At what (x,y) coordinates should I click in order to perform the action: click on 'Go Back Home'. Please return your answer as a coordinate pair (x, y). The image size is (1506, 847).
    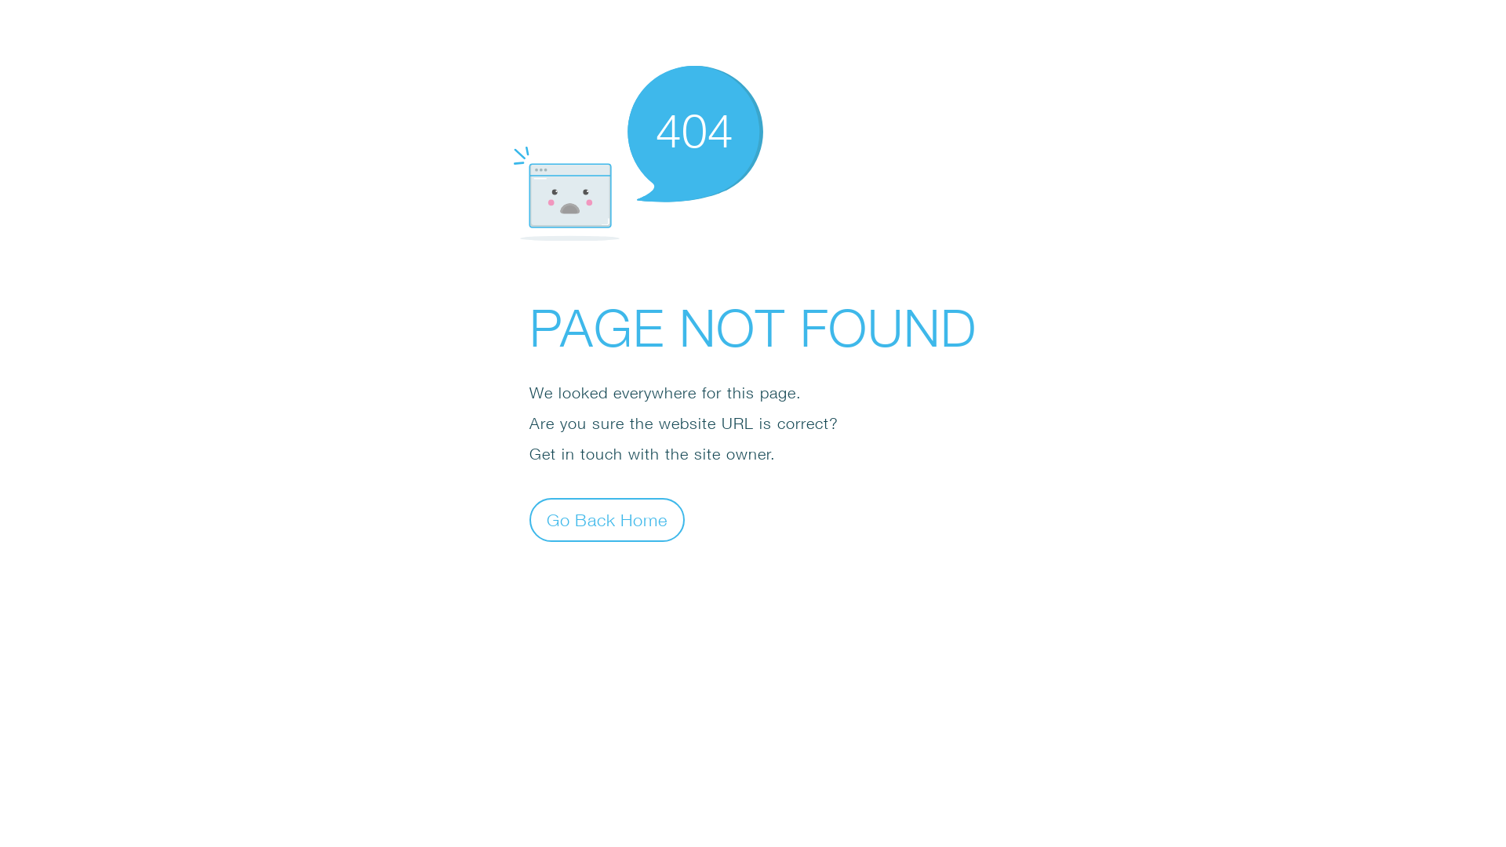
    Looking at the image, I should click on (606, 520).